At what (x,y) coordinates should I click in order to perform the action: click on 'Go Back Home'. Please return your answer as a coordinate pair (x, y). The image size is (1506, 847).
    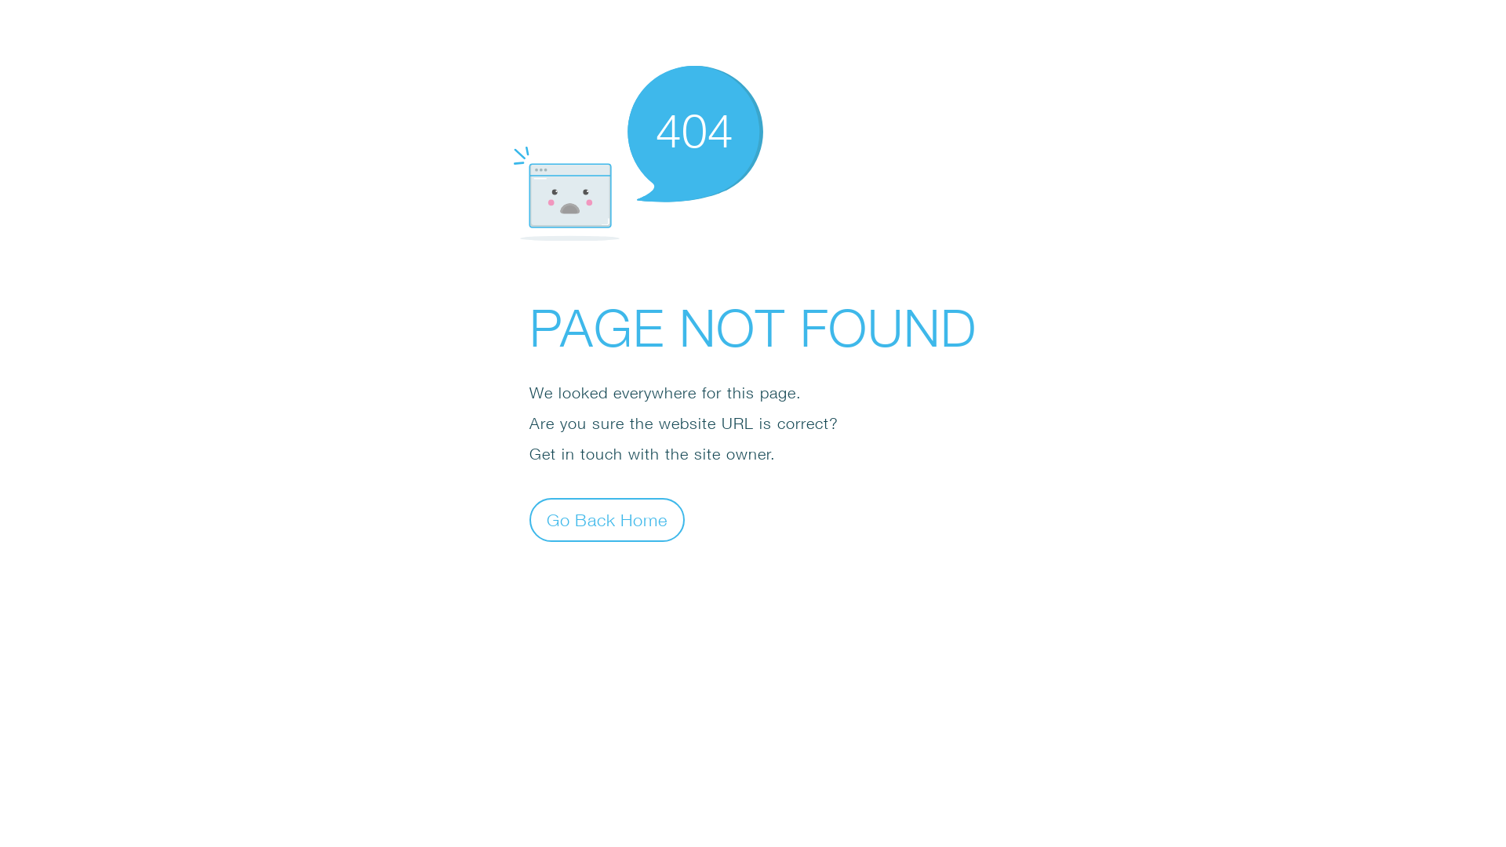
    Looking at the image, I should click on (606, 520).